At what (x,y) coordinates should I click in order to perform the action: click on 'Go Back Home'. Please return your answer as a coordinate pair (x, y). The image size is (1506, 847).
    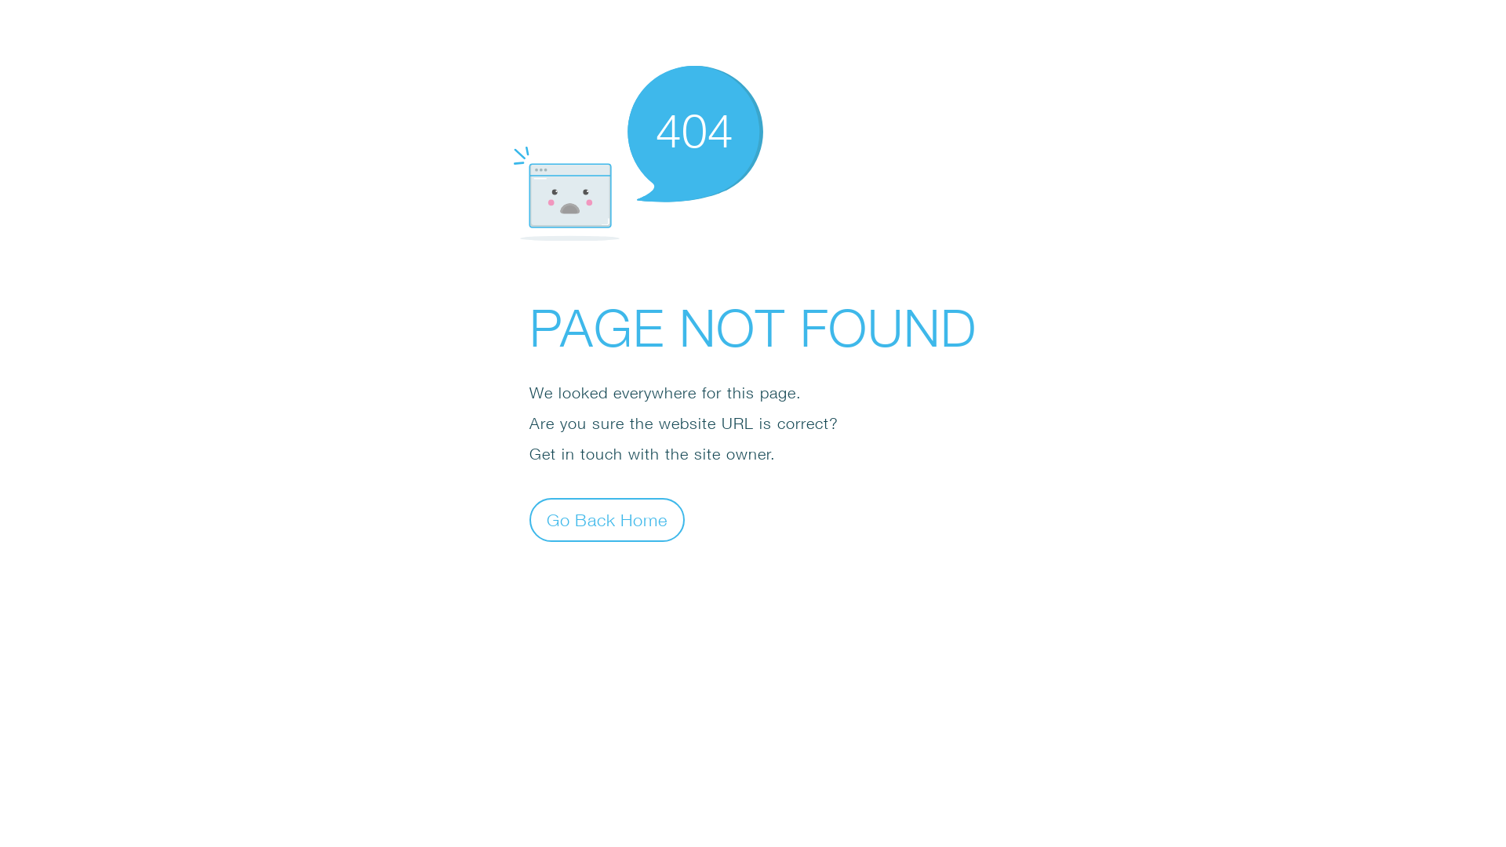
    Looking at the image, I should click on (606, 520).